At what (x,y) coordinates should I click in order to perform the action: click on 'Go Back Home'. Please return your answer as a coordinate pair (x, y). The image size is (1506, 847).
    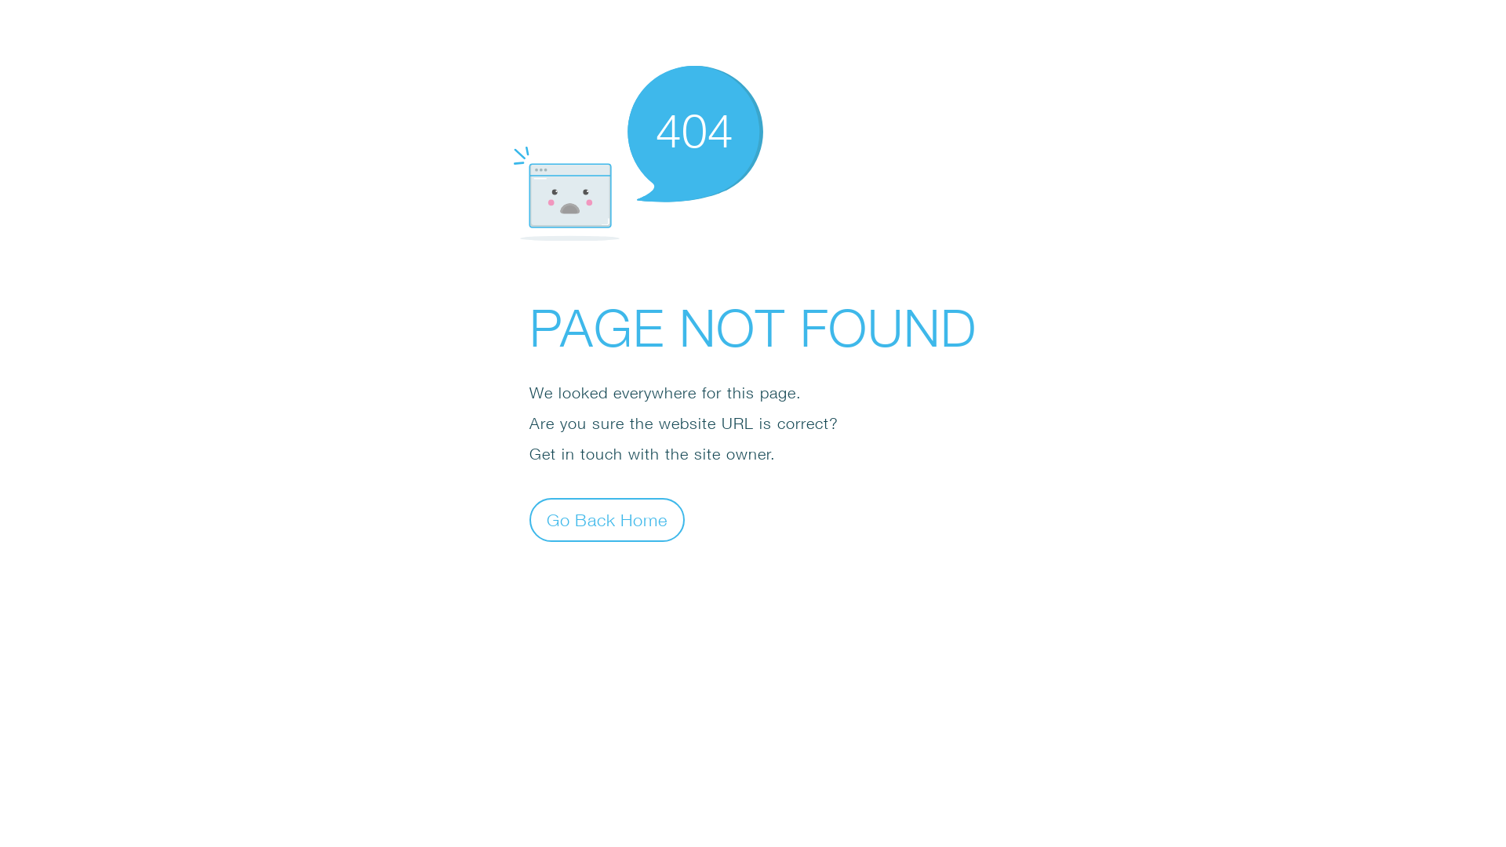
    Looking at the image, I should click on (606, 520).